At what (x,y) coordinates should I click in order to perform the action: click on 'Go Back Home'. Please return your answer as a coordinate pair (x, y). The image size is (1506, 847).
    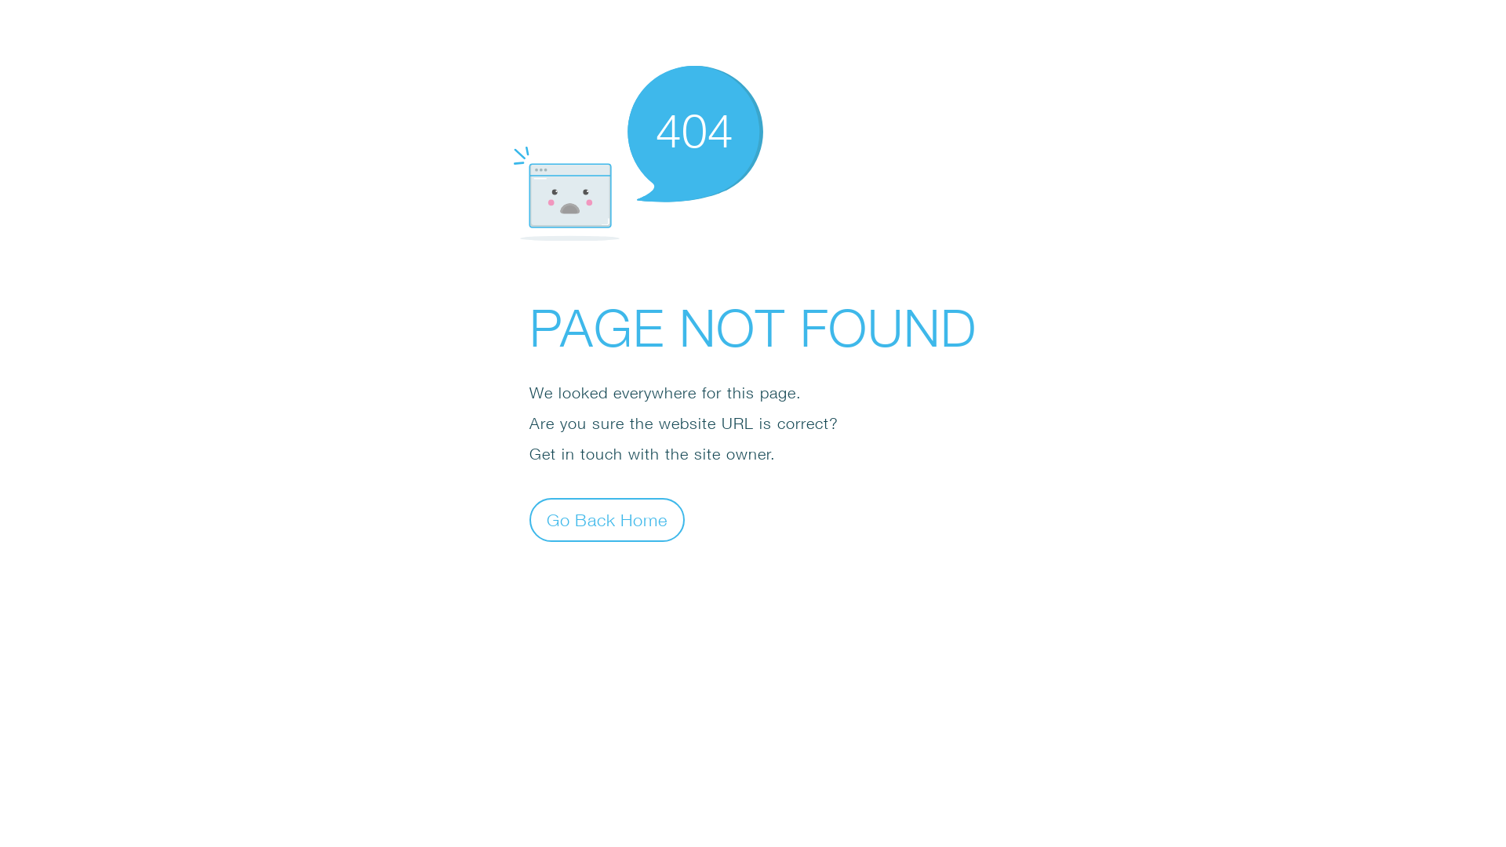
    Looking at the image, I should click on (606, 520).